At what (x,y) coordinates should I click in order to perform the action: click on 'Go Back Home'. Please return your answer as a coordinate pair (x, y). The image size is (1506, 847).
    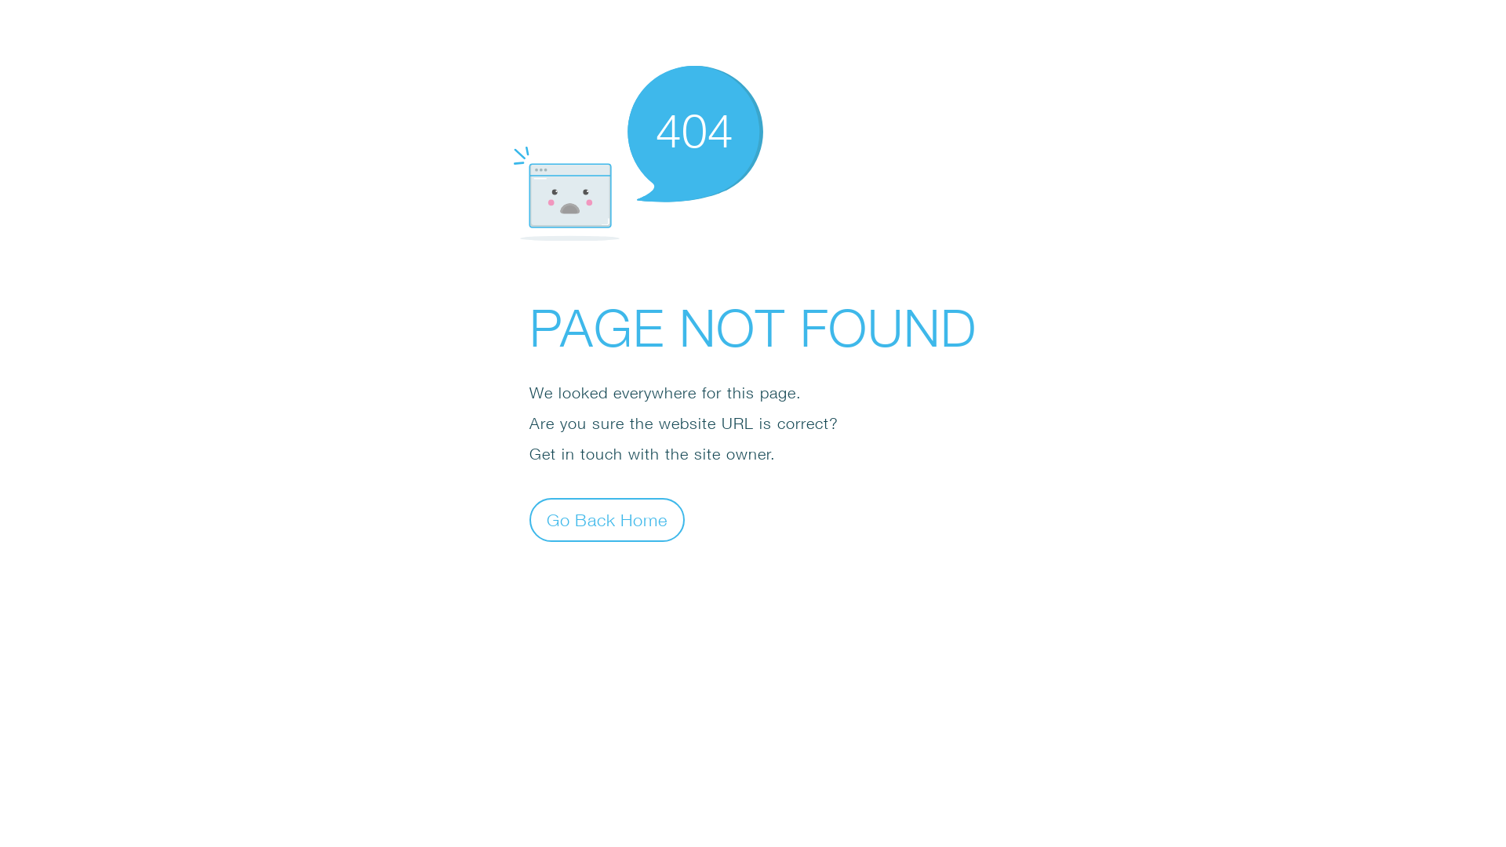
    Looking at the image, I should click on (606, 520).